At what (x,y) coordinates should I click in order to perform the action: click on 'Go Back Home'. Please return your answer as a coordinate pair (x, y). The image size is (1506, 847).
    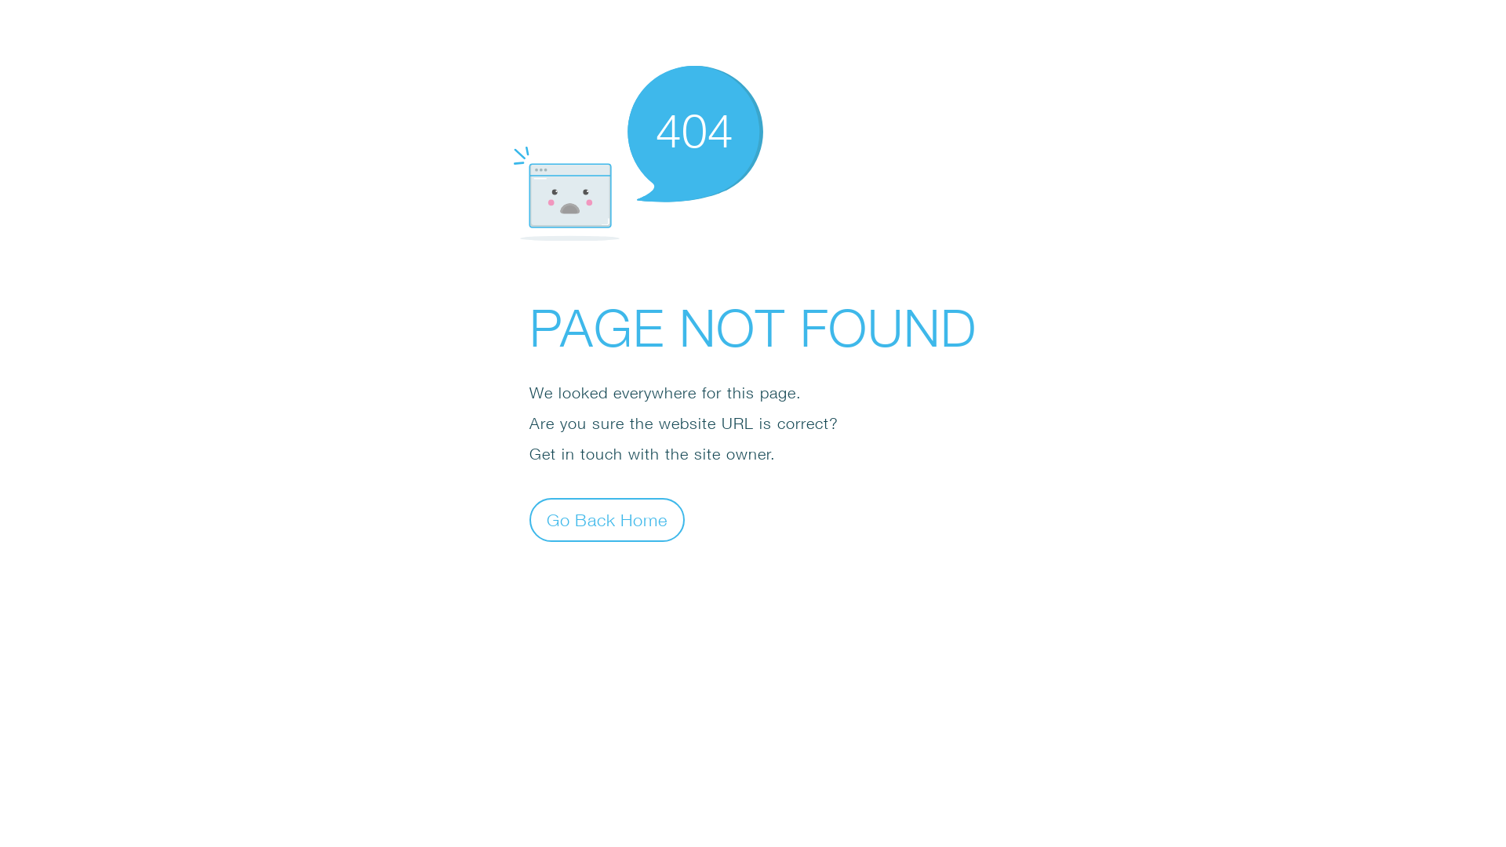
    Looking at the image, I should click on (606, 520).